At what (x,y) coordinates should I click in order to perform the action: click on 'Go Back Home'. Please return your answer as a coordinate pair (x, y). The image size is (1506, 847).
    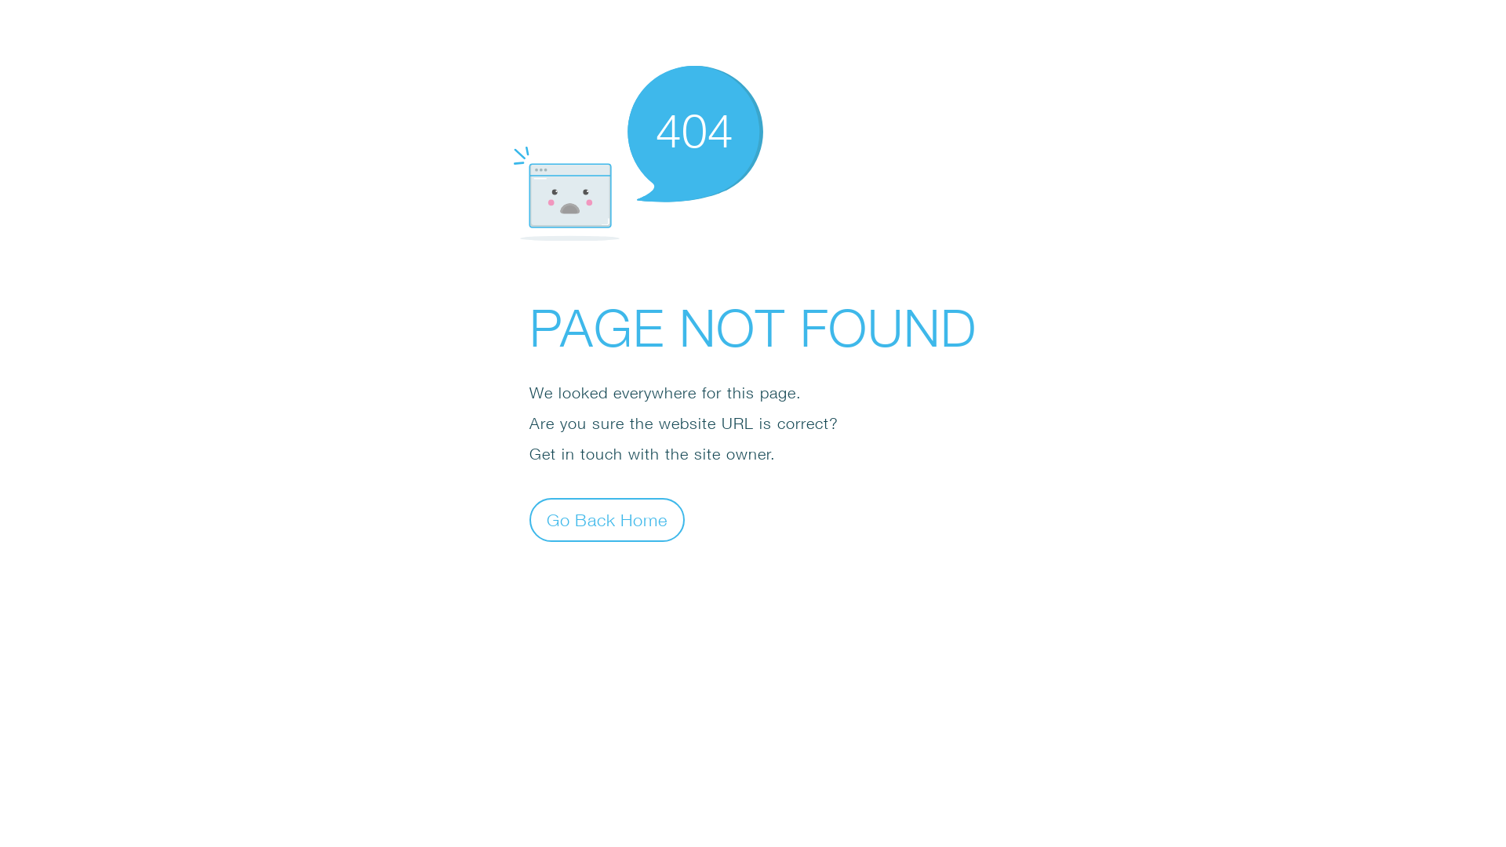
    Looking at the image, I should click on (606, 520).